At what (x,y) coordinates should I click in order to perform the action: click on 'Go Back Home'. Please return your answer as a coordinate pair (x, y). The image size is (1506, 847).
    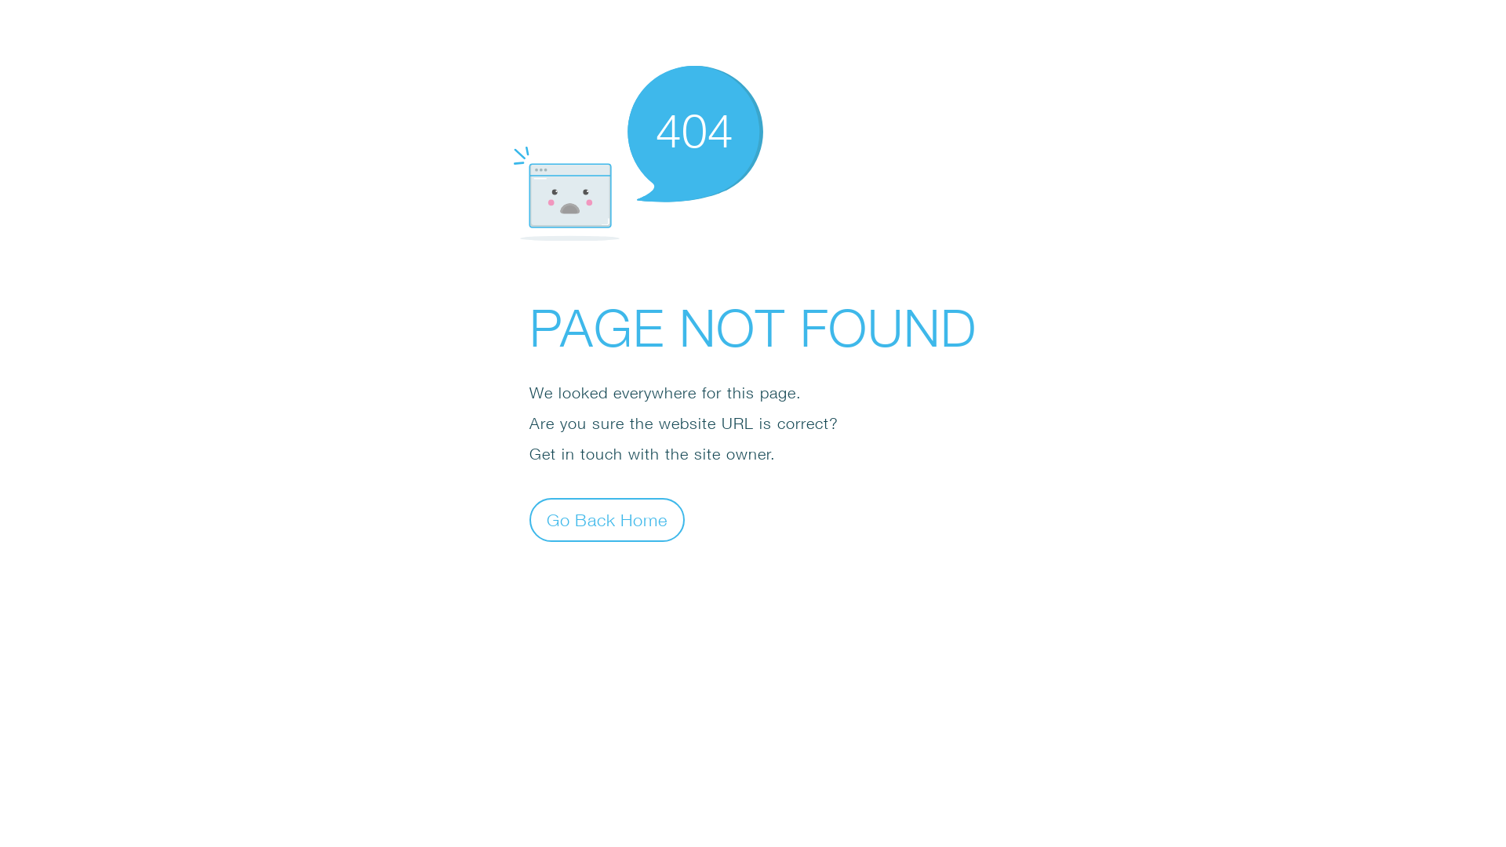
    Looking at the image, I should click on (606, 520).